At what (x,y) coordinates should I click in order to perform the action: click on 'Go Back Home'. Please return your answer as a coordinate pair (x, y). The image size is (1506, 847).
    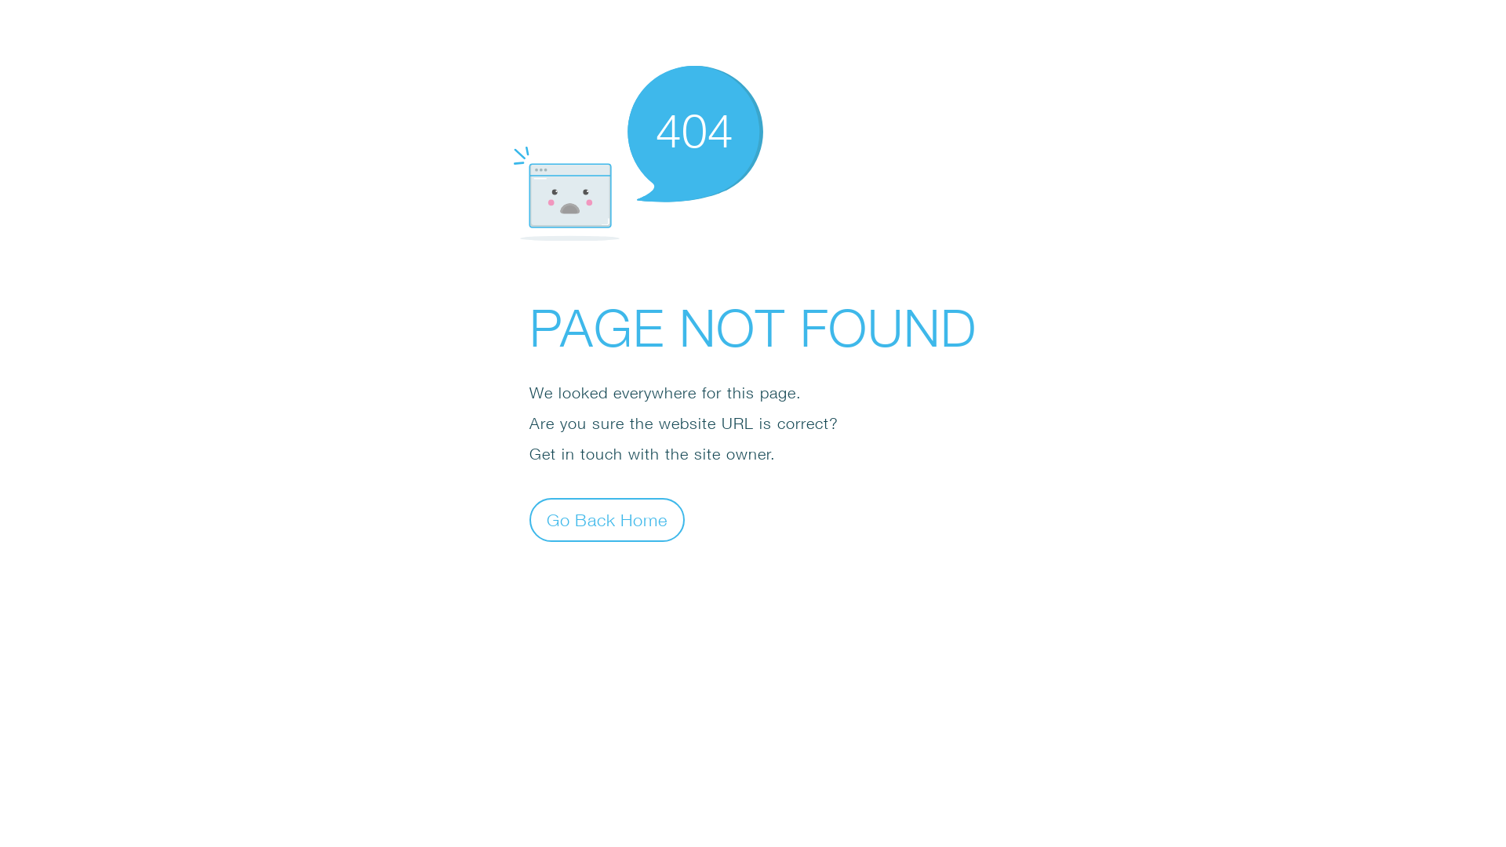
    Looking at the image, I should click on (606, 520).